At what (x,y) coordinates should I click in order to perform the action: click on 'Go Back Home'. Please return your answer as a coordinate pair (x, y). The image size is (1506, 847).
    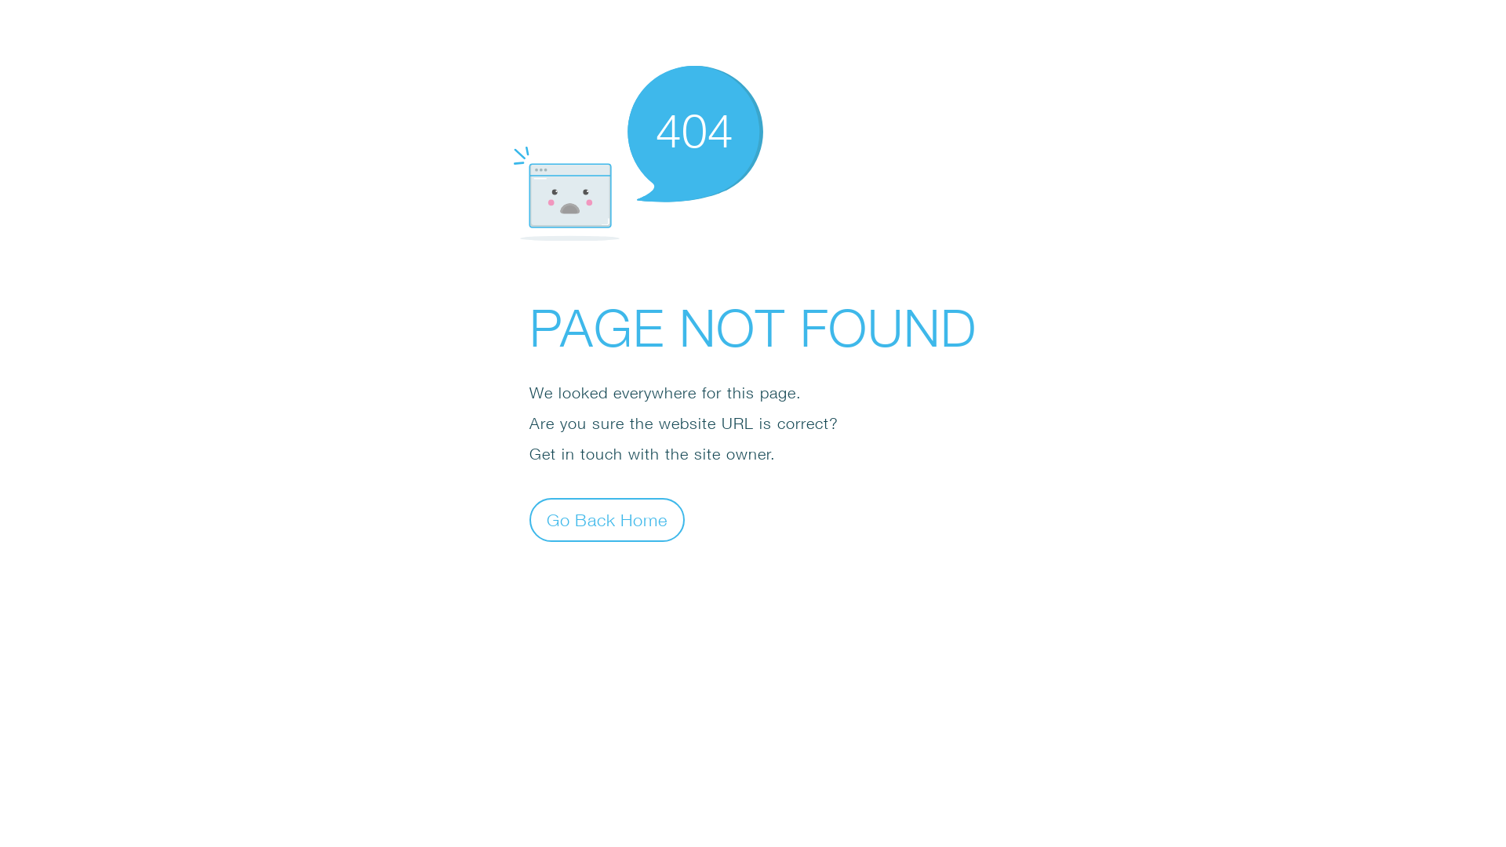
    Looking at the image, I should click on (606, 520).